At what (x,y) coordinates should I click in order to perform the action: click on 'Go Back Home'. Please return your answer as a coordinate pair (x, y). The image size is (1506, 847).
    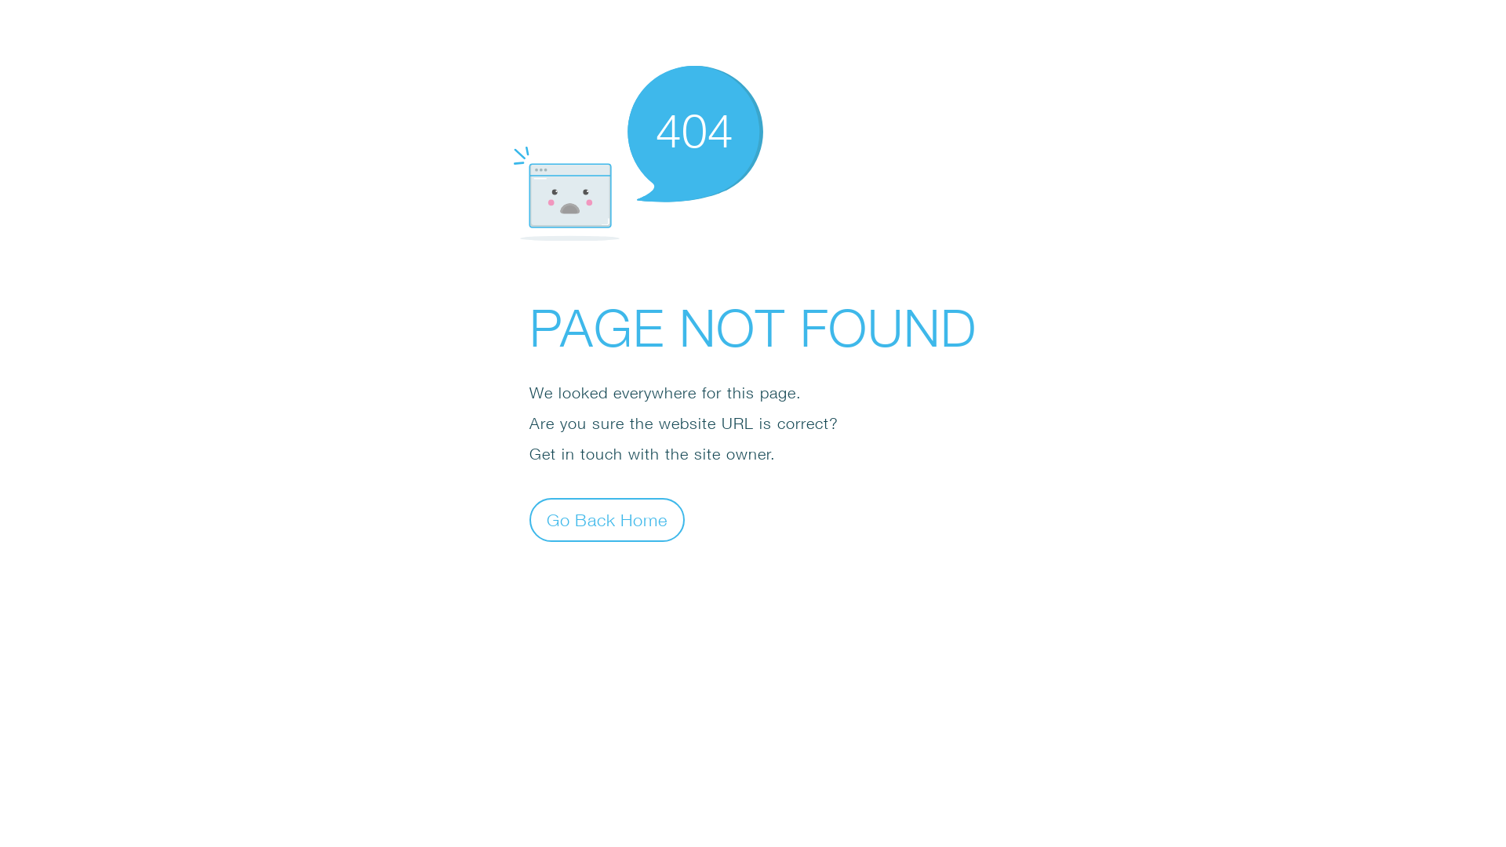
    Looking at the image, I should click on (606, 520).